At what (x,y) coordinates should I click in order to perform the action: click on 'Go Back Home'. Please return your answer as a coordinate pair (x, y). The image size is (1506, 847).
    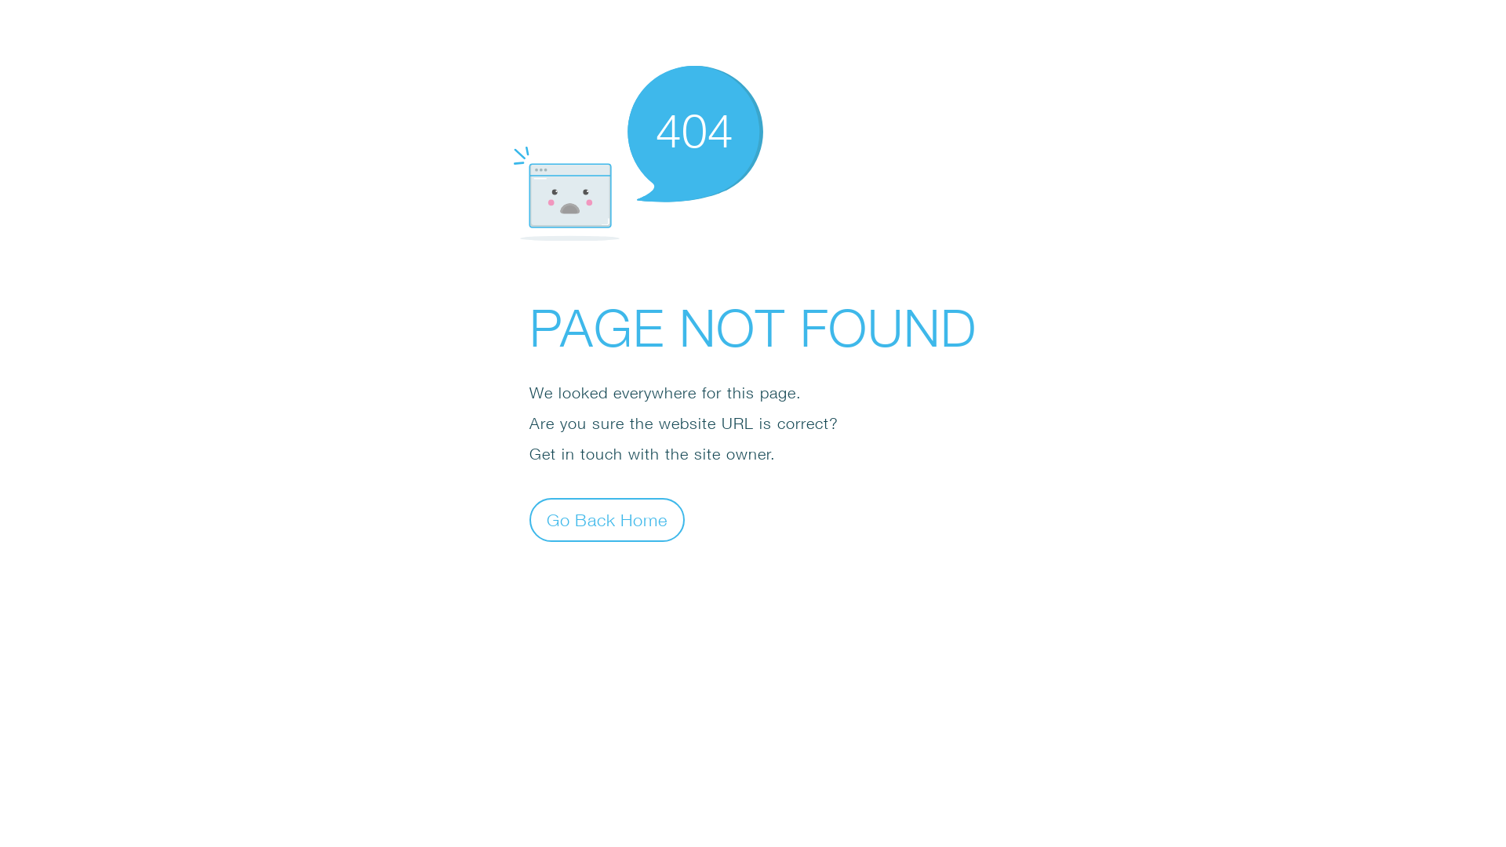
    Looking at the image, I should click on (606, 520).